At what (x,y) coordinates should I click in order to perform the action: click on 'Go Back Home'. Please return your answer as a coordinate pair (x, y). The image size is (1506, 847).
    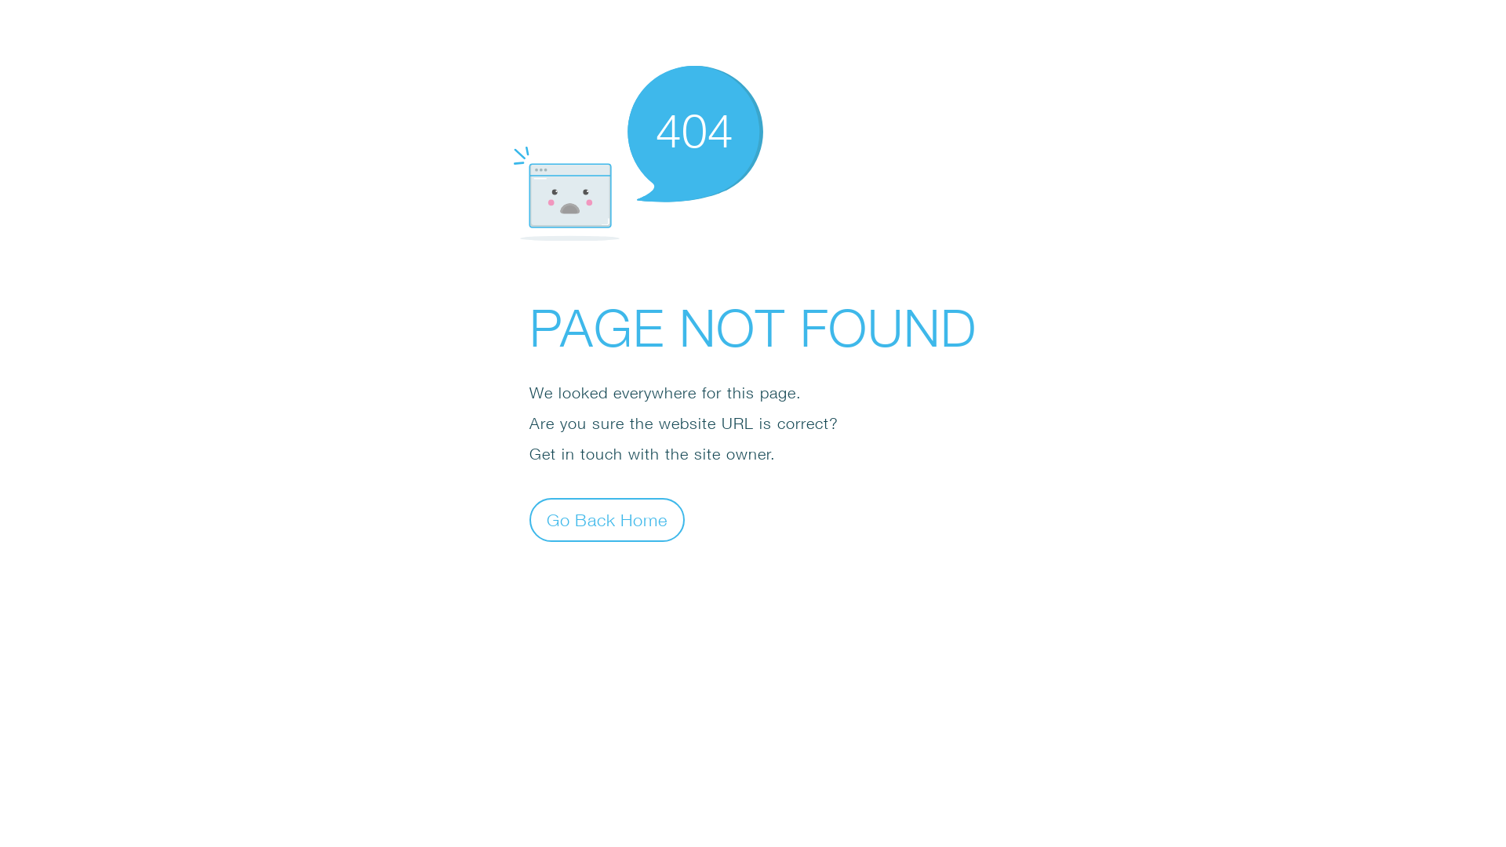
    Looking at the image, I should click on (606, 520).